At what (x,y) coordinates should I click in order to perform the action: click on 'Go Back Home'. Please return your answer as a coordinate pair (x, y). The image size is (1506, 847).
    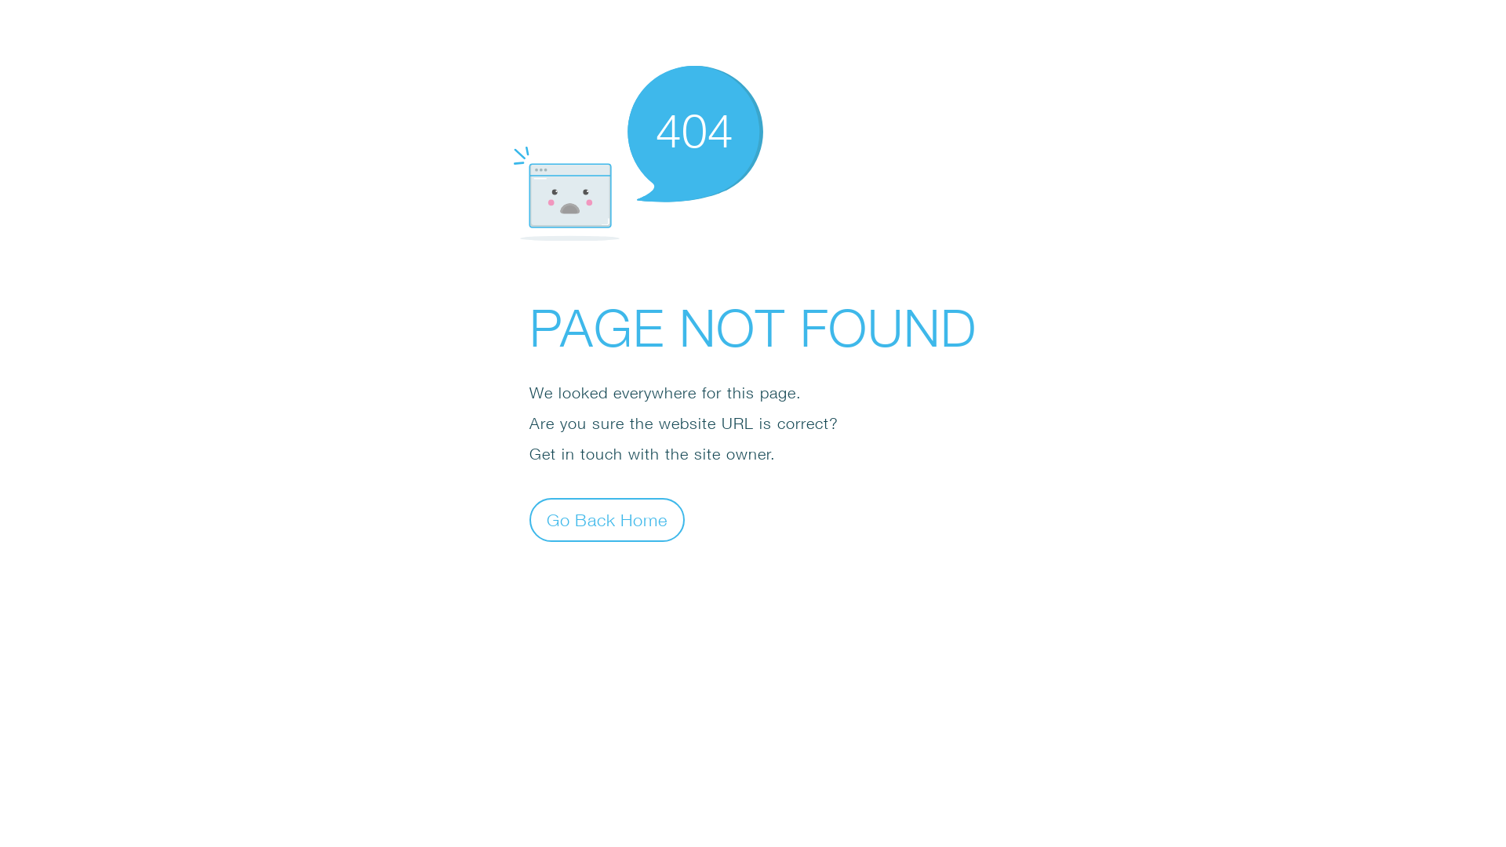
    Looking at the image, I should click on (606, 520).